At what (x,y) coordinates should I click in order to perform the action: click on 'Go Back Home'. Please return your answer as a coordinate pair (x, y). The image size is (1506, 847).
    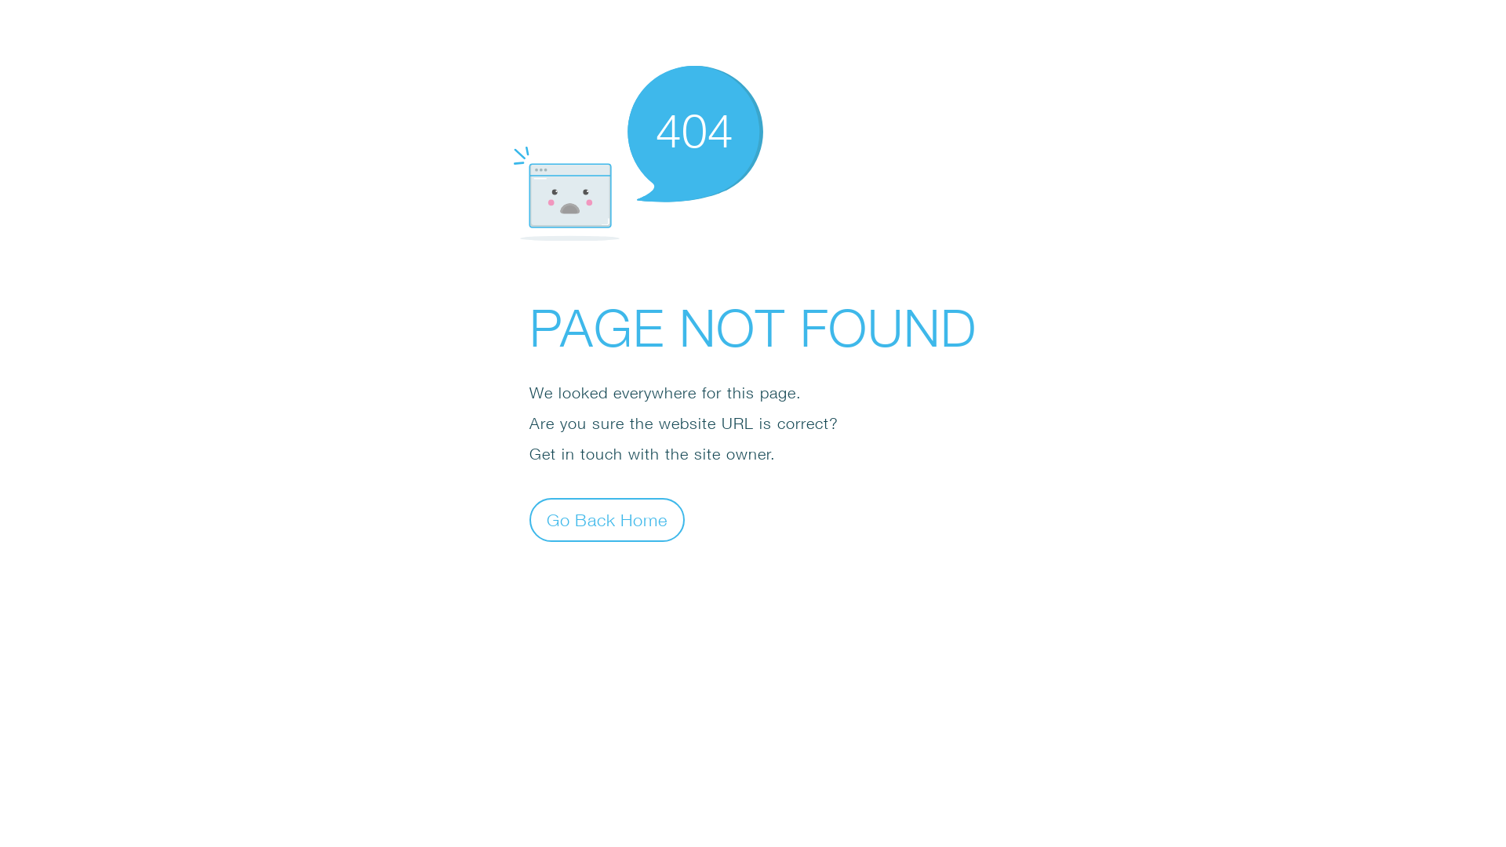
    Looking at the image, I should click on (606, 520).